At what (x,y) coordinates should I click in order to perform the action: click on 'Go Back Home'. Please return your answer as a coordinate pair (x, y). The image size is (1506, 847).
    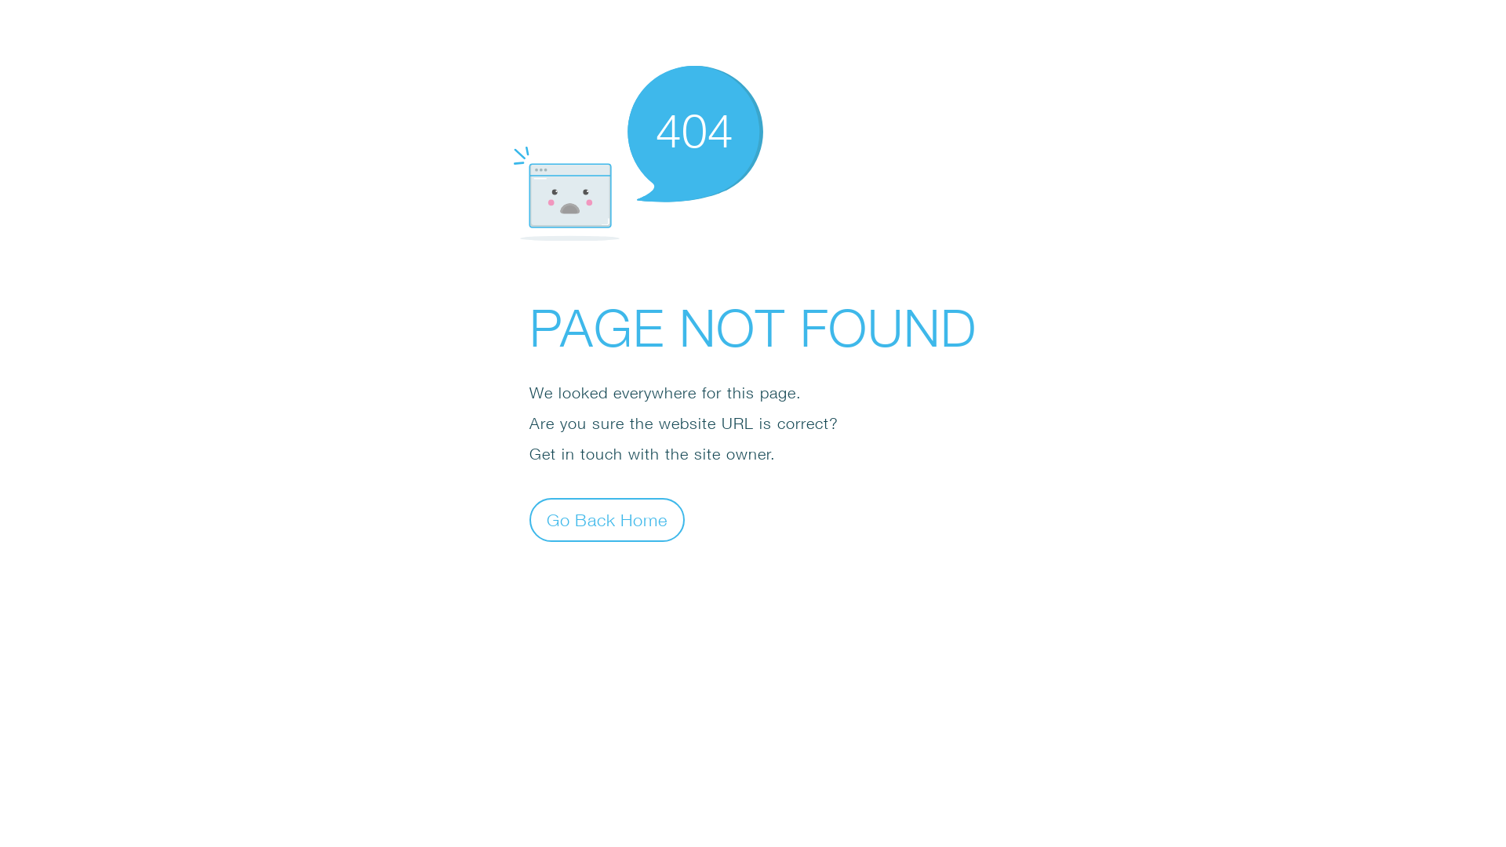
    Looking at the image, I should click on (606, 520).